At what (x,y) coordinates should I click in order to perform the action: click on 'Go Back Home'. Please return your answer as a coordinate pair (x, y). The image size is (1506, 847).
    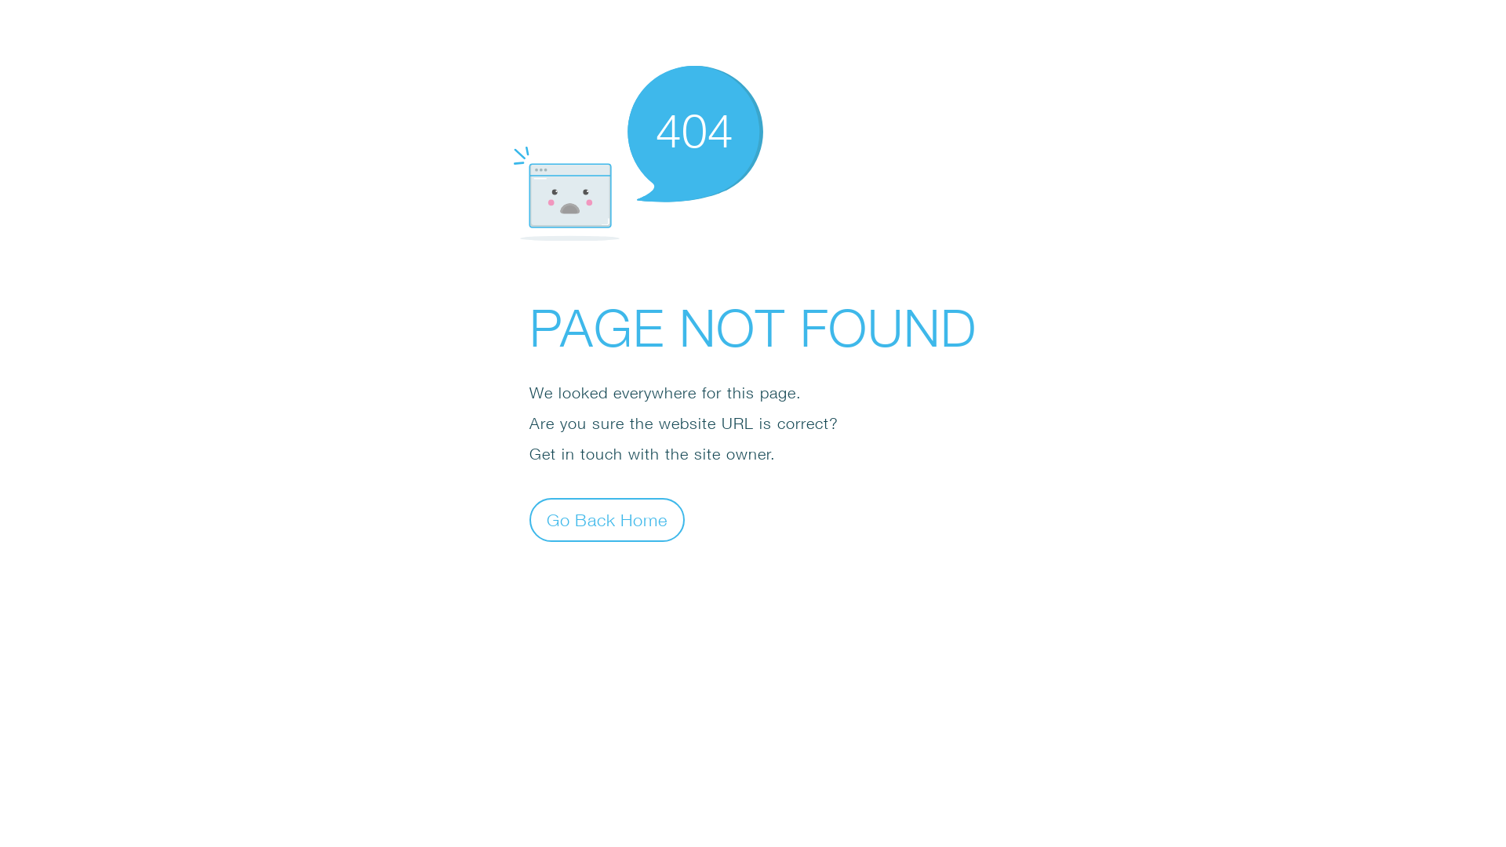
    Looking at the image, I should click on (606, 520).